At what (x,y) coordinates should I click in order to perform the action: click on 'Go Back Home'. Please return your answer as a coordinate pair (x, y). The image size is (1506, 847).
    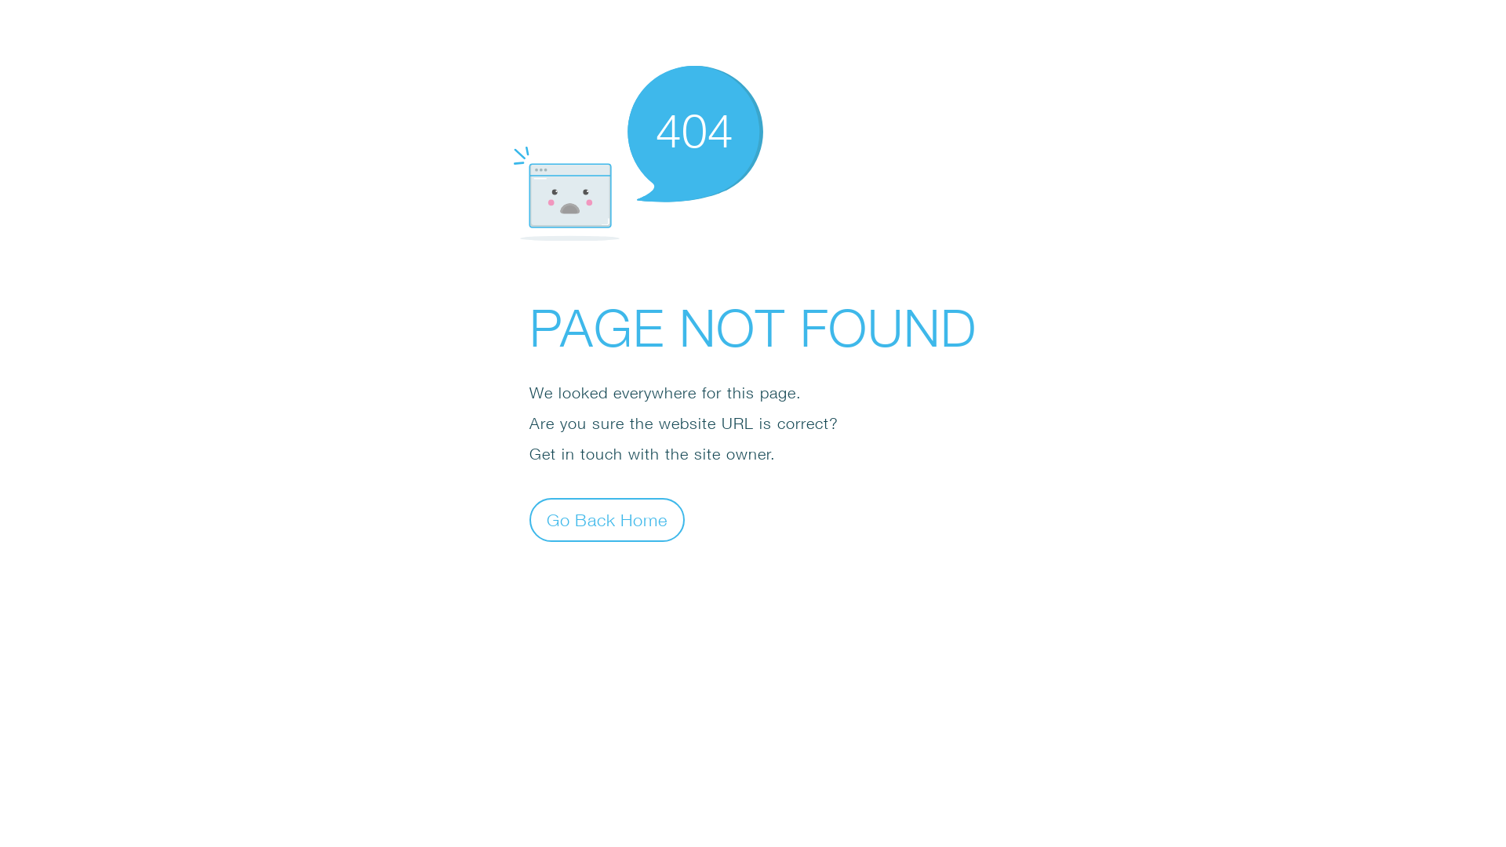
    Looking at the image, I should click on (606, 520).